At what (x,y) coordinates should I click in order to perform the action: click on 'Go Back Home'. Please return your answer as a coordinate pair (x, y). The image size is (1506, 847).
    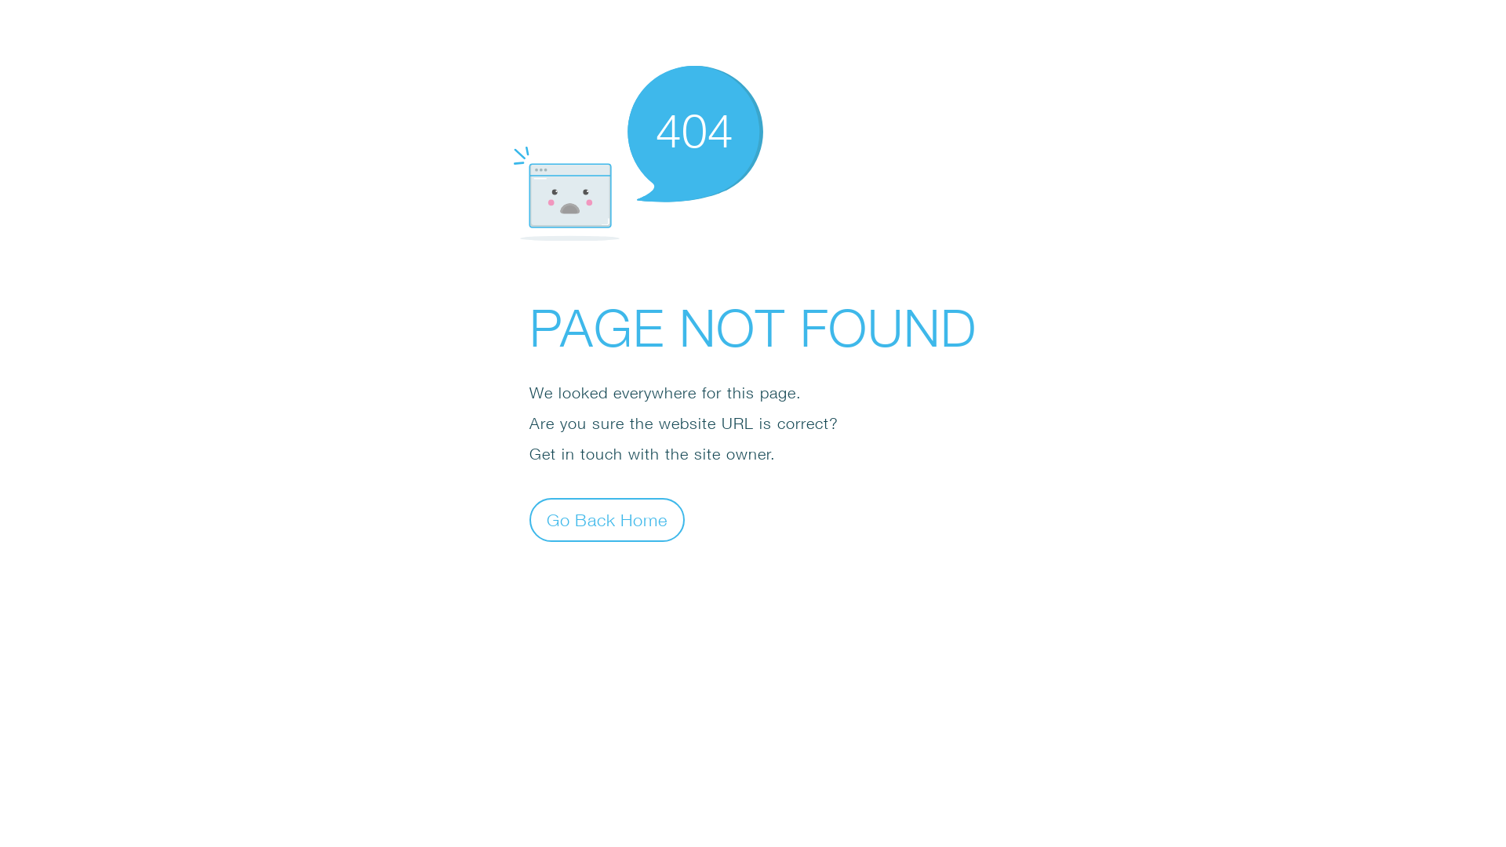
    Looking at the image, I should click on (606, 520).